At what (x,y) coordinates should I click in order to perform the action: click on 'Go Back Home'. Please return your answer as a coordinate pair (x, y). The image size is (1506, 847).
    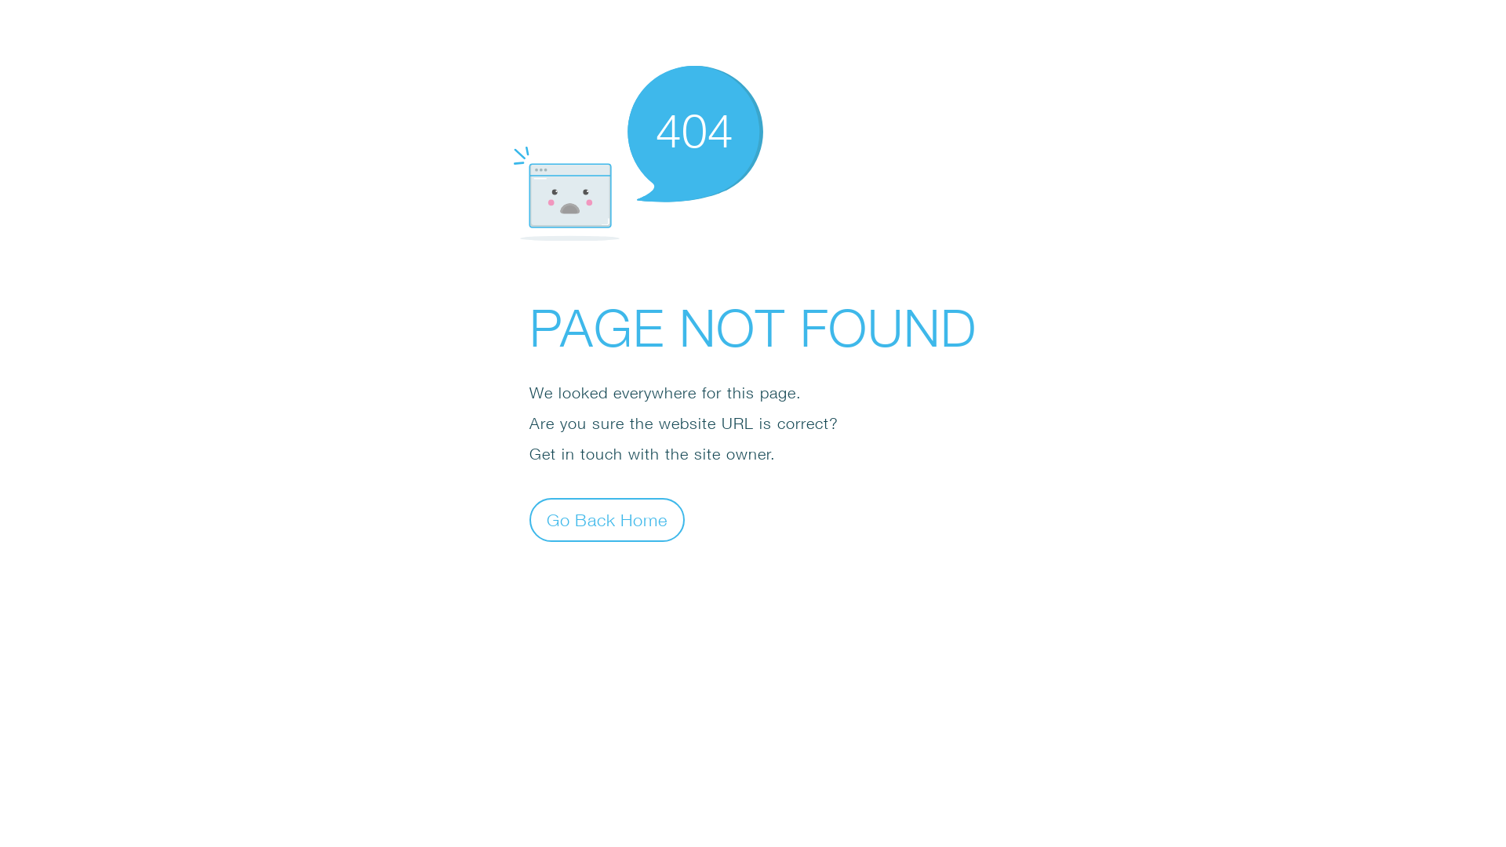
    Looking at the image, I should click on (606, 520).